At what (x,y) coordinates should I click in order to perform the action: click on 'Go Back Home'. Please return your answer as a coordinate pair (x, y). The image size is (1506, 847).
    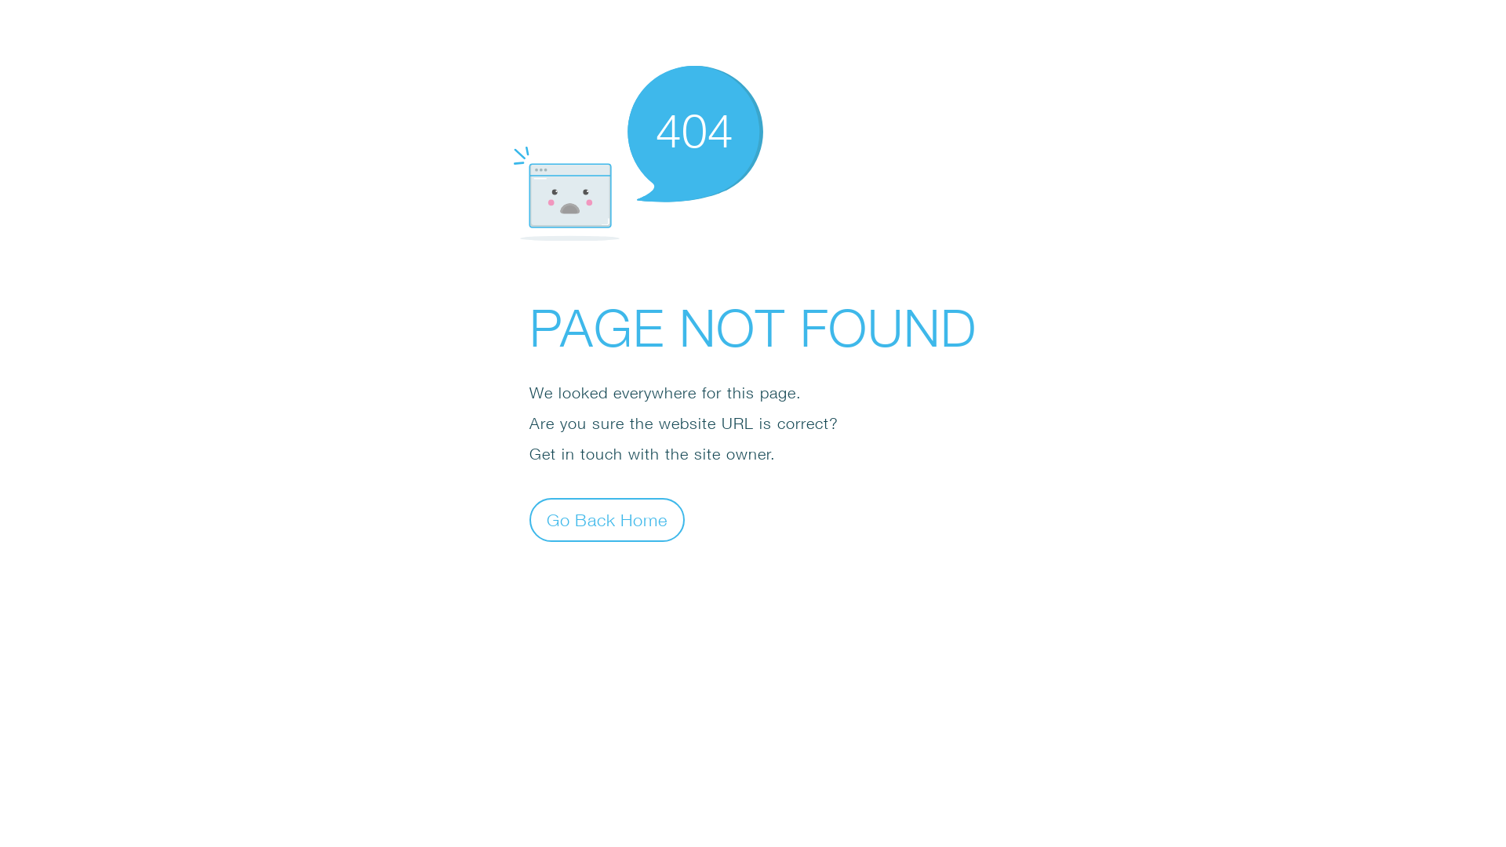
    Looking at the image, I should click on (606, 520).